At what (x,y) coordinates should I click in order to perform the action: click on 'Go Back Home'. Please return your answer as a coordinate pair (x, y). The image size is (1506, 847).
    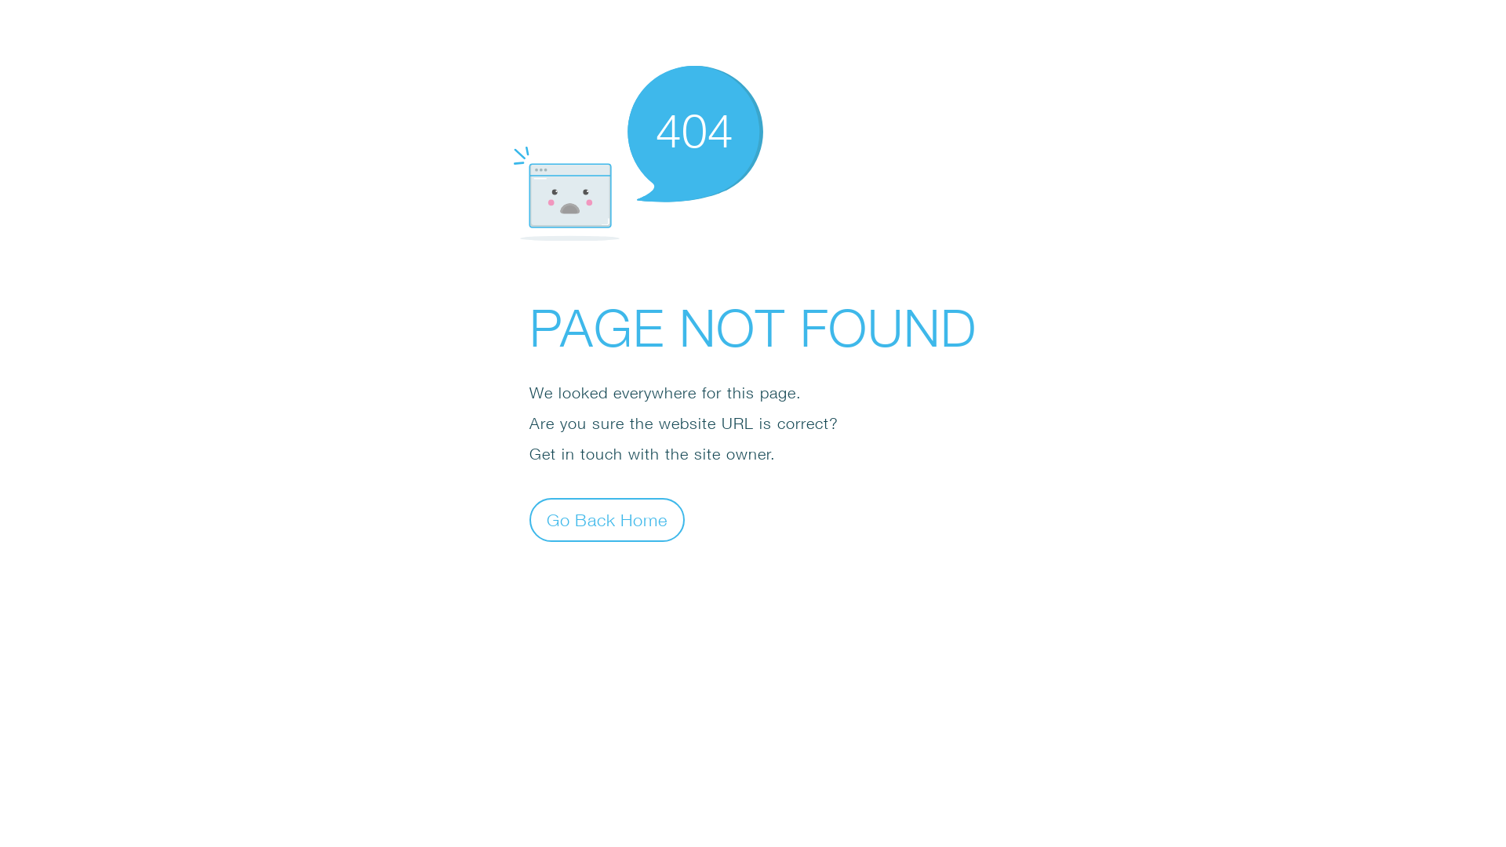
    Looking at the image, I should click on (606, 520).